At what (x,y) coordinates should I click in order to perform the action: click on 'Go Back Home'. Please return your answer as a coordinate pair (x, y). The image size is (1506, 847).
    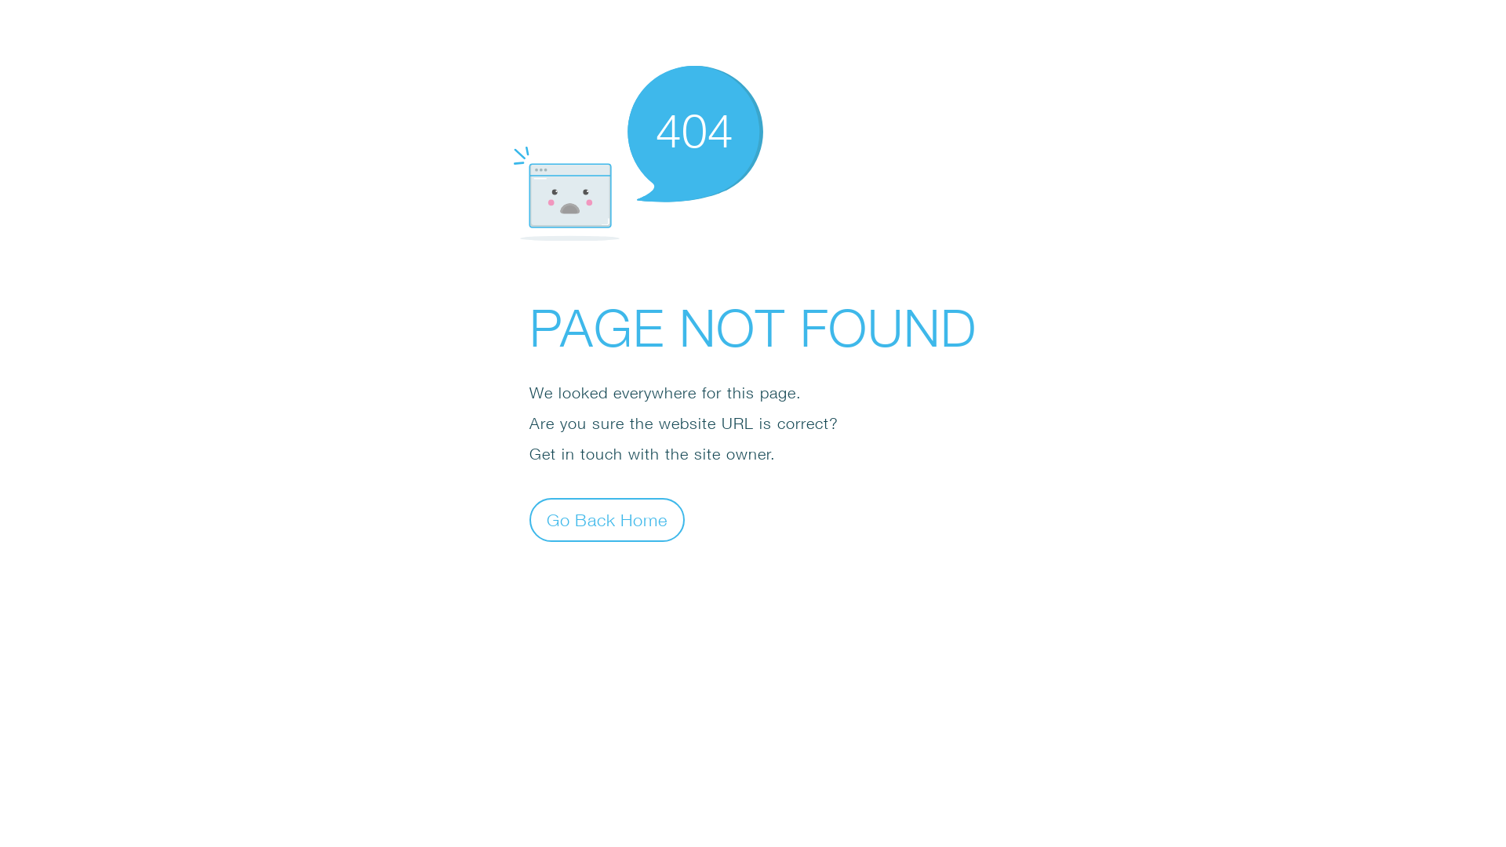
    Looking at the image, I should click on (606, 520).